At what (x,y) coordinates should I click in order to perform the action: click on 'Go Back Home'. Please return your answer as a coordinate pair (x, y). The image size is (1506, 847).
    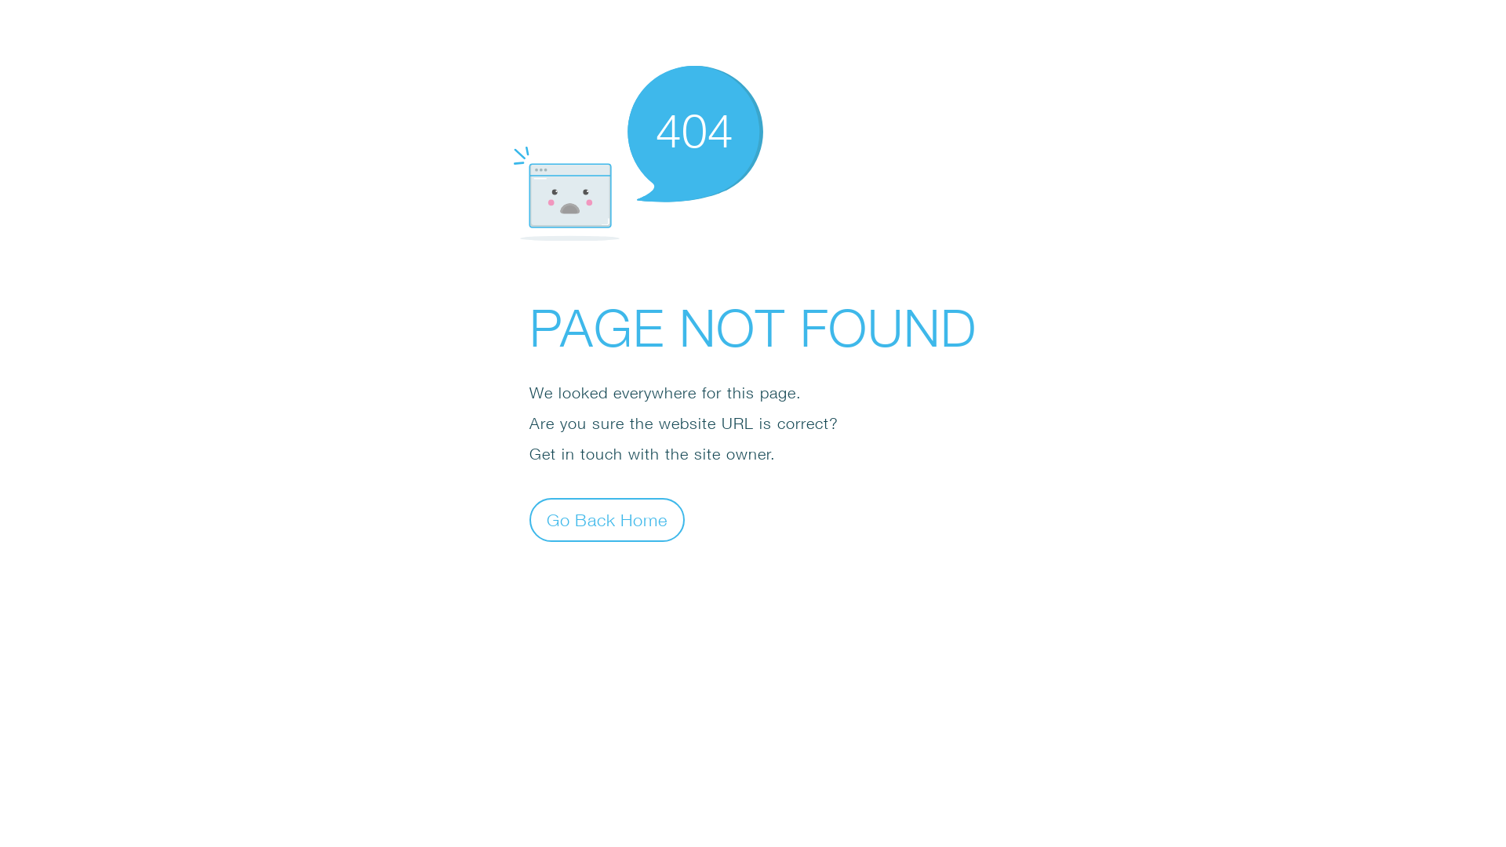
    Looking at the image, I should click on (606, 520).